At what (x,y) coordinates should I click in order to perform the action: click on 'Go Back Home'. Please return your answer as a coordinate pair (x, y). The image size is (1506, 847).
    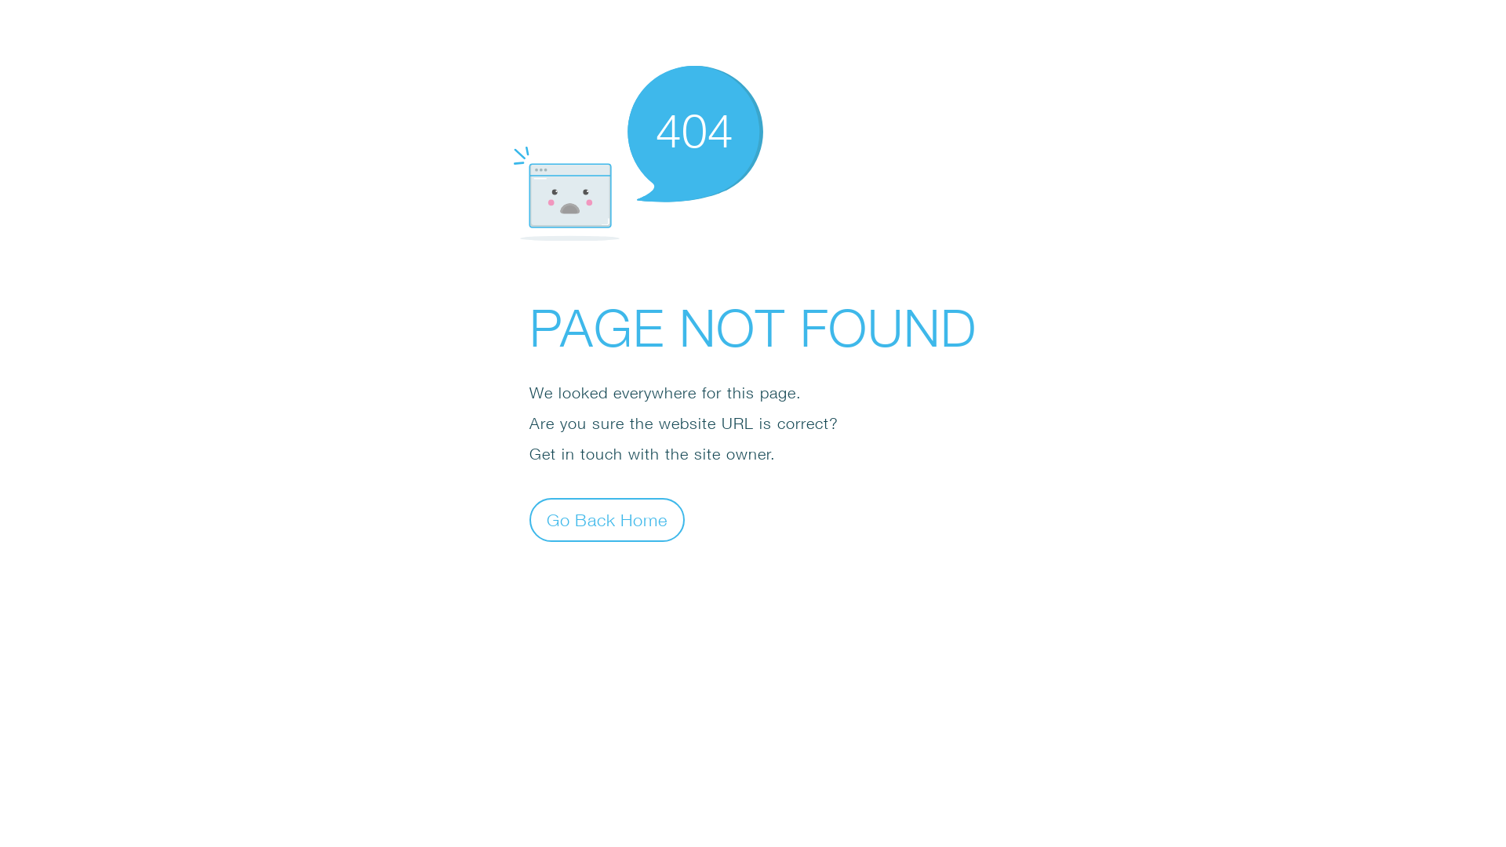
    Looking at the image, I should click on (606, 520).